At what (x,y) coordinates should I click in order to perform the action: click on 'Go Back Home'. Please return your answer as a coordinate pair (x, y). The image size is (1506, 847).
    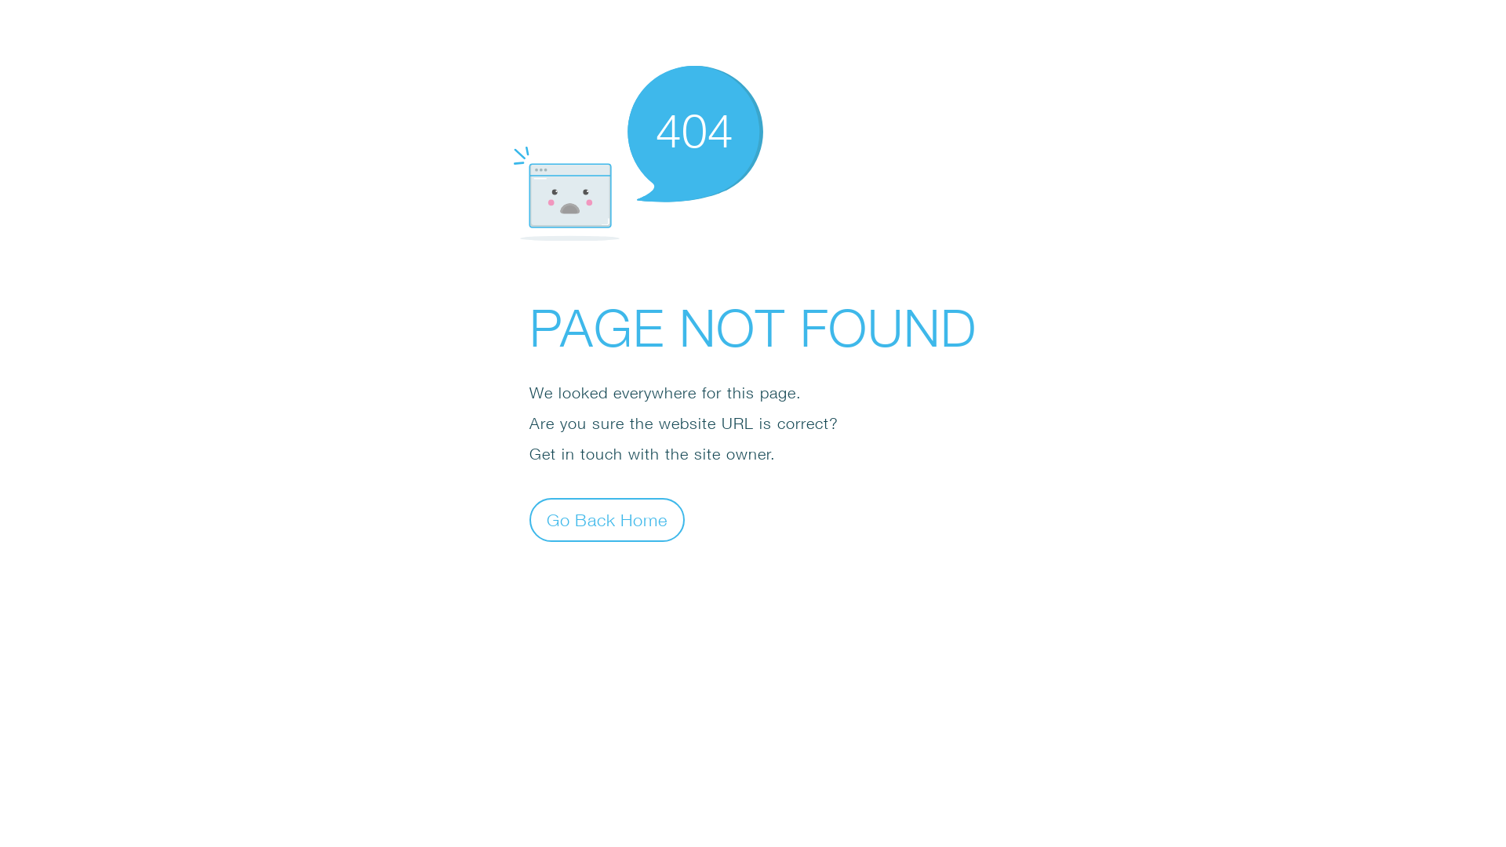
    Looking at the image, I should click on (606, 520).